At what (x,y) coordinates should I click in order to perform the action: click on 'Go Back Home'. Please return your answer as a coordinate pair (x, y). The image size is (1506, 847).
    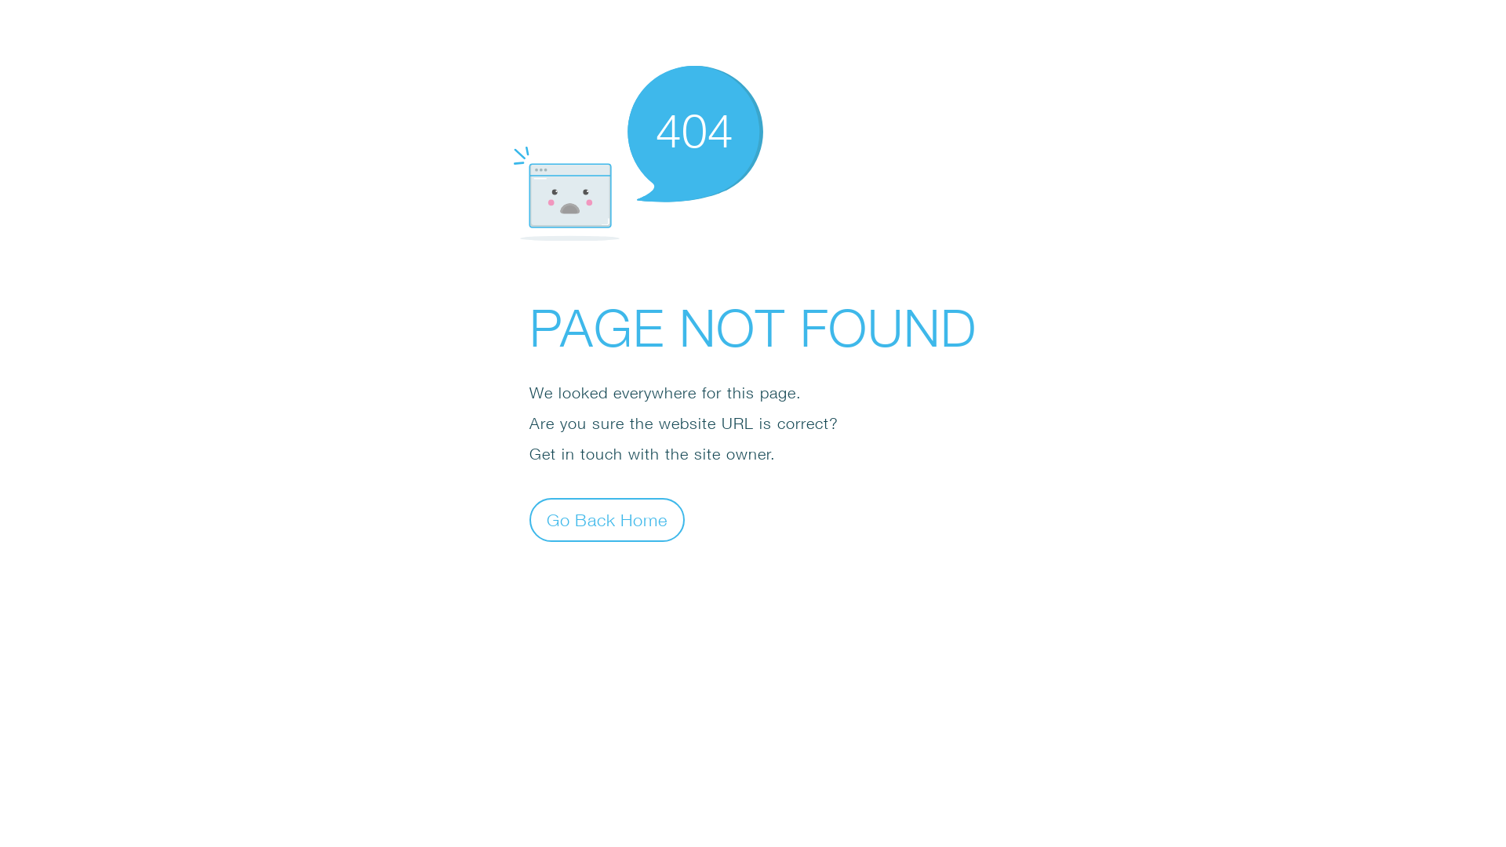
    Looking at the image, I should click on (606, 520).